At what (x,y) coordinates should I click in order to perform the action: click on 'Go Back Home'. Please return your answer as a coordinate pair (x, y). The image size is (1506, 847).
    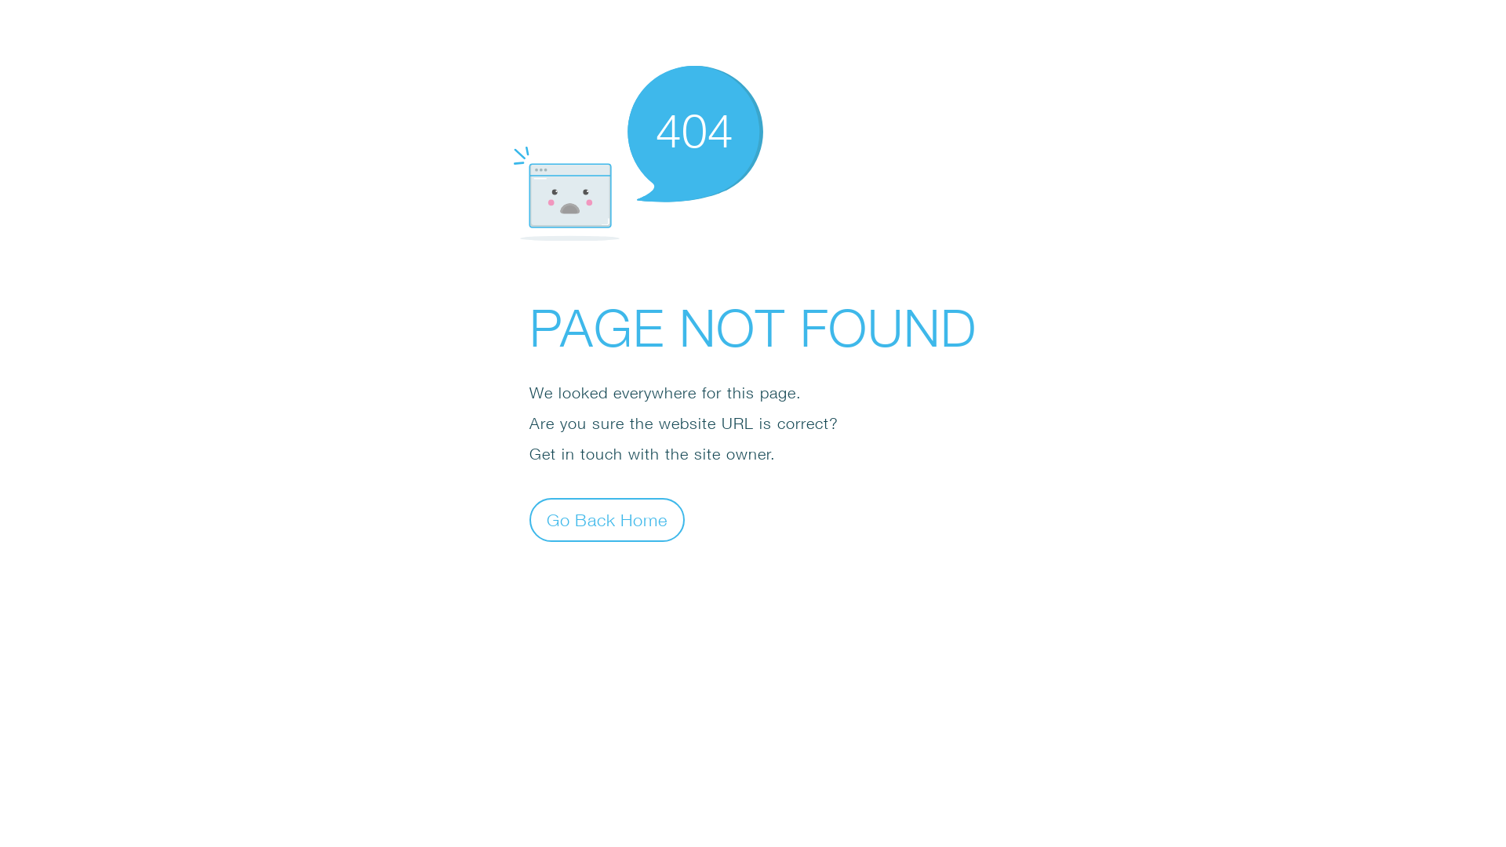
    Looking at the image, I should click on (606, 520).